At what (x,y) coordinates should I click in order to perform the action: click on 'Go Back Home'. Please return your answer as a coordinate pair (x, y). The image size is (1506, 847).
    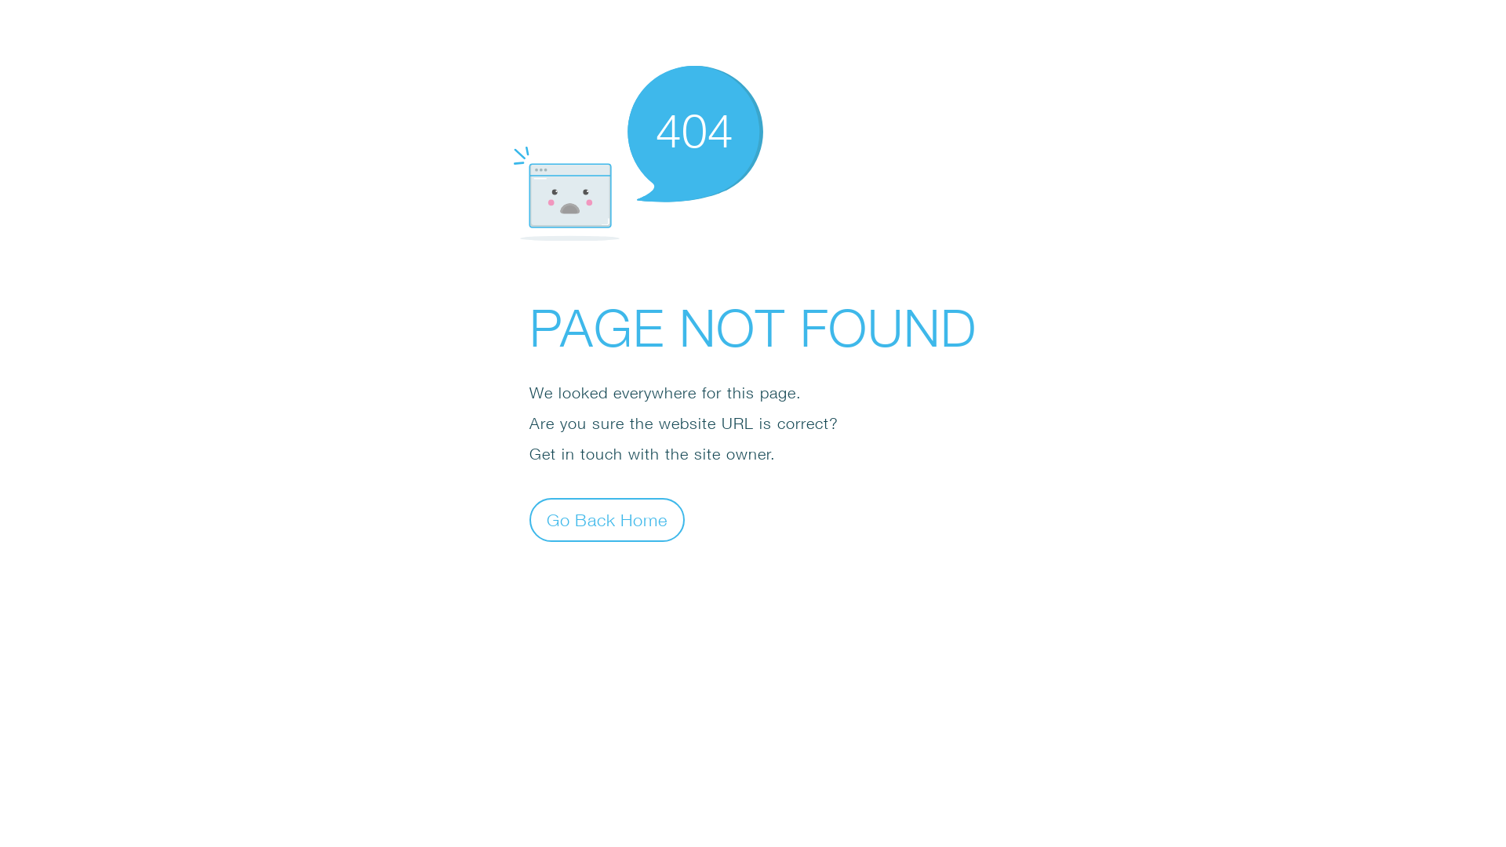
    Looking at the image, I should click on (606, 520).